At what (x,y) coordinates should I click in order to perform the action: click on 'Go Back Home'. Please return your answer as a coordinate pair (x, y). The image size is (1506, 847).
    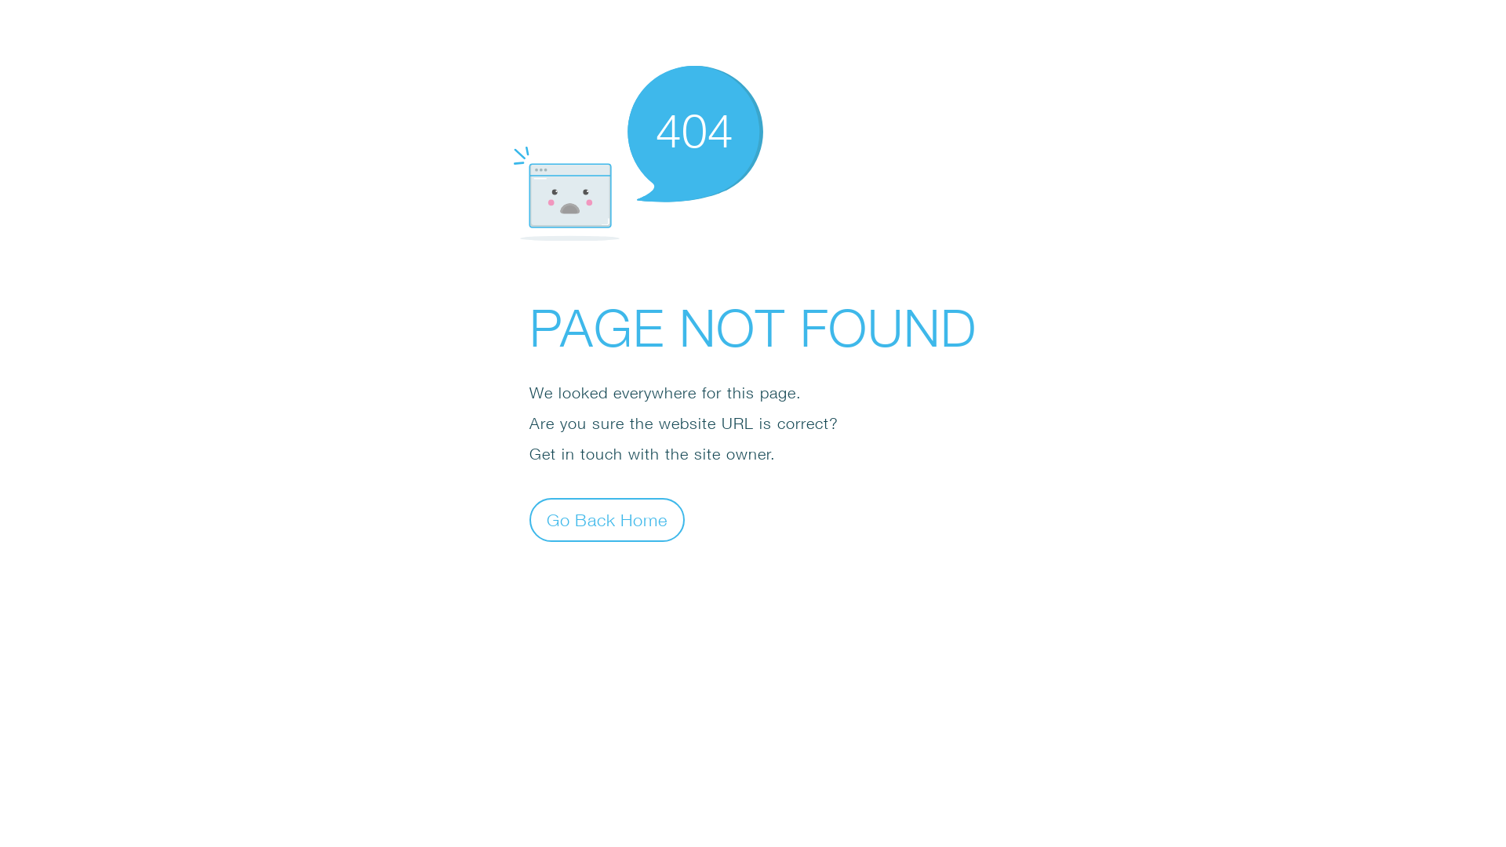
    Looking at the image, I should click on (606, 520).